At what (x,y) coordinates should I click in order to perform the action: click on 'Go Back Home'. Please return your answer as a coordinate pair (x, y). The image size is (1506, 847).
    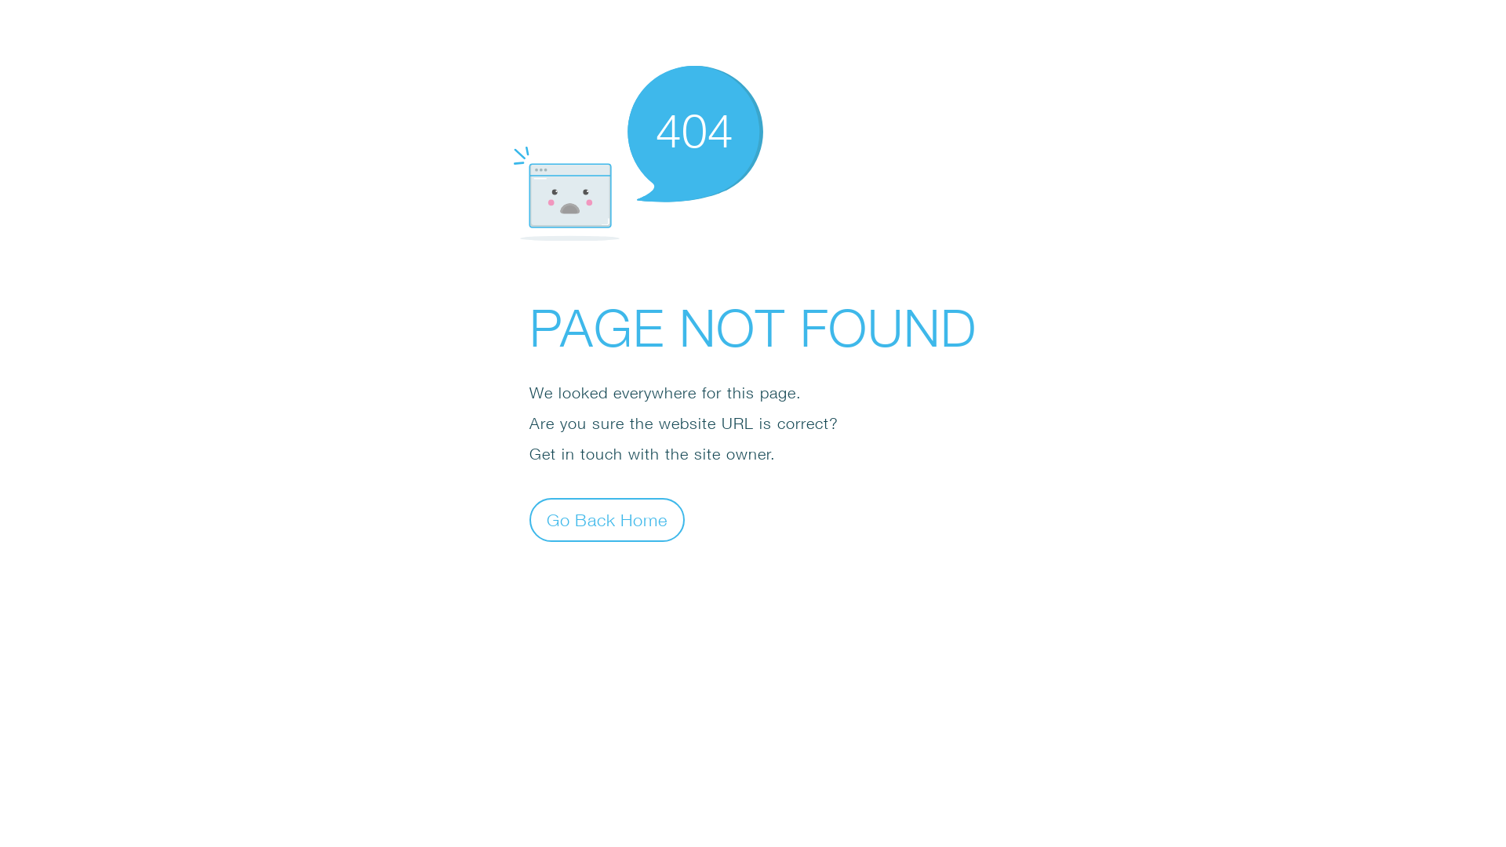
    Looking at the image, I should click on (606, 520).